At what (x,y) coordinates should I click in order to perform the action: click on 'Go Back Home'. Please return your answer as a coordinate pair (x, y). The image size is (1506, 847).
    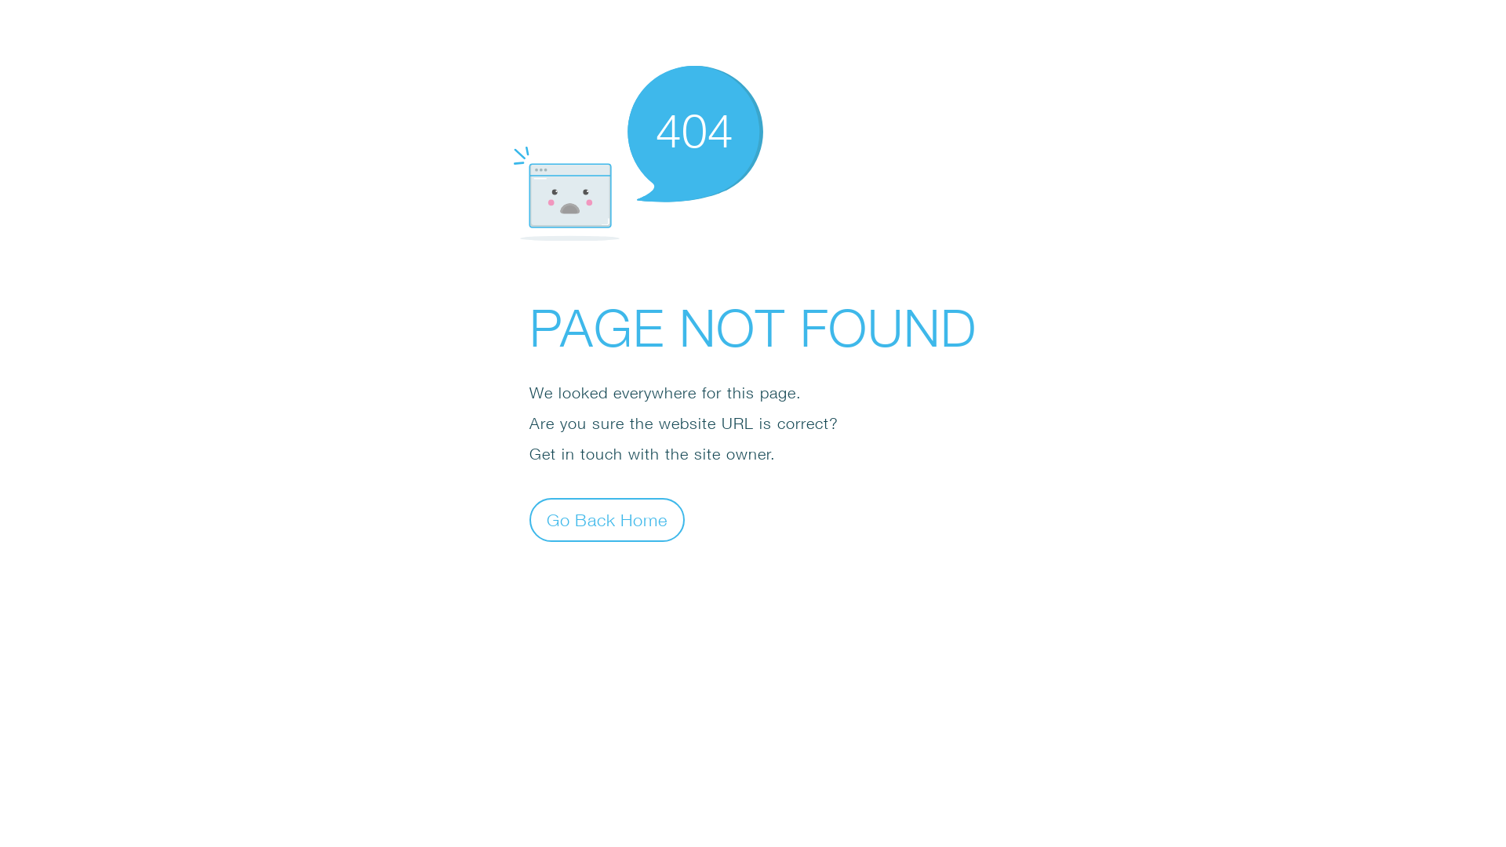
    Looking at the image, I should click on (606, 520).